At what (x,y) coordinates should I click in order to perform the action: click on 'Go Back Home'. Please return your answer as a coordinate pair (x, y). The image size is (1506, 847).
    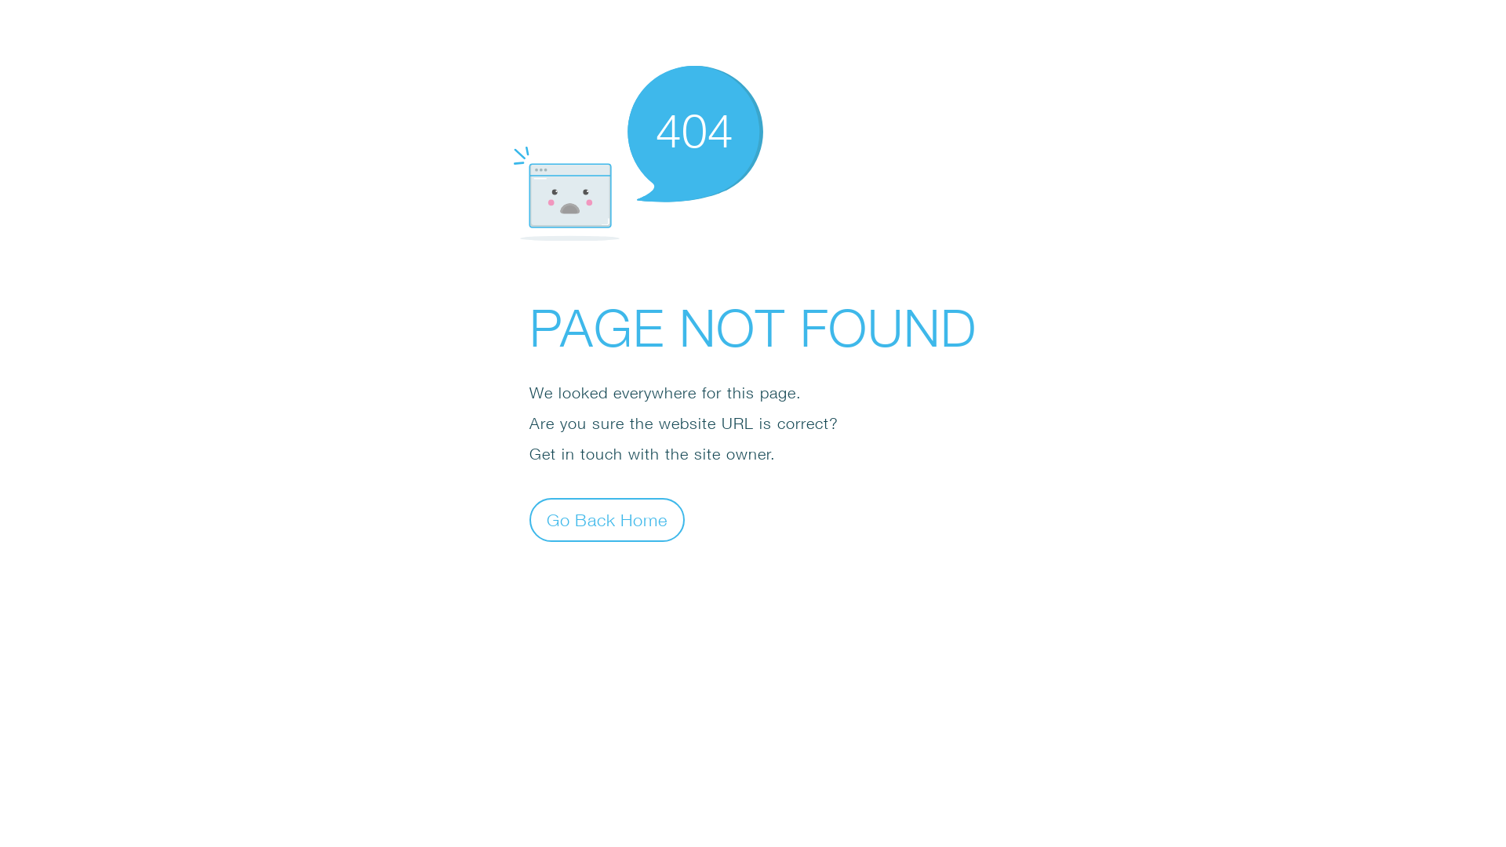
    Looking at the image, I should click on (606, 520).